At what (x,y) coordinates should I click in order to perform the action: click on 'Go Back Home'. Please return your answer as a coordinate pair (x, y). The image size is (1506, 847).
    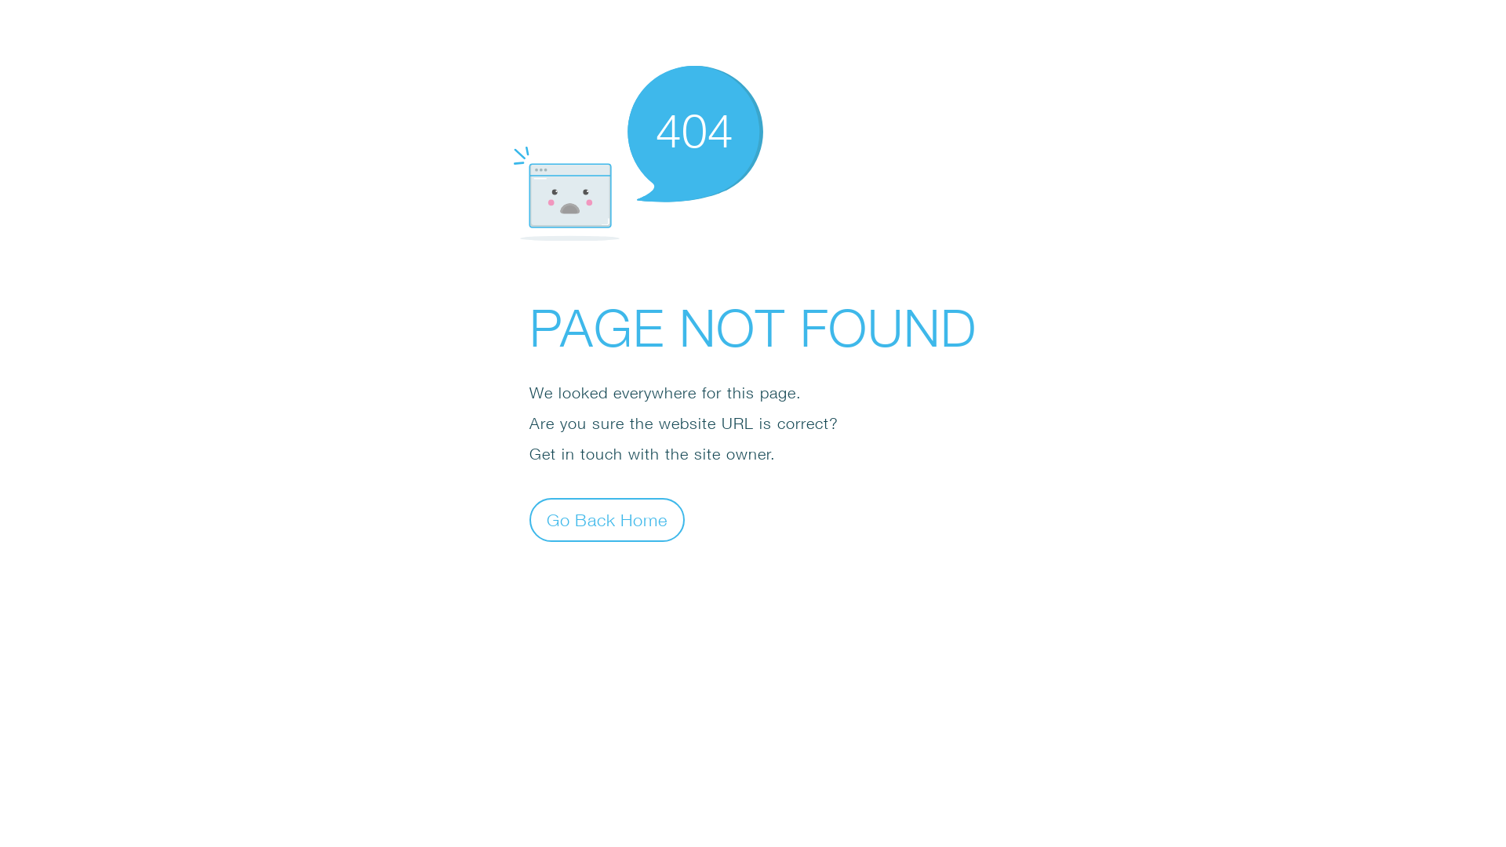
    Looking at the image, I should click on (606, 520).